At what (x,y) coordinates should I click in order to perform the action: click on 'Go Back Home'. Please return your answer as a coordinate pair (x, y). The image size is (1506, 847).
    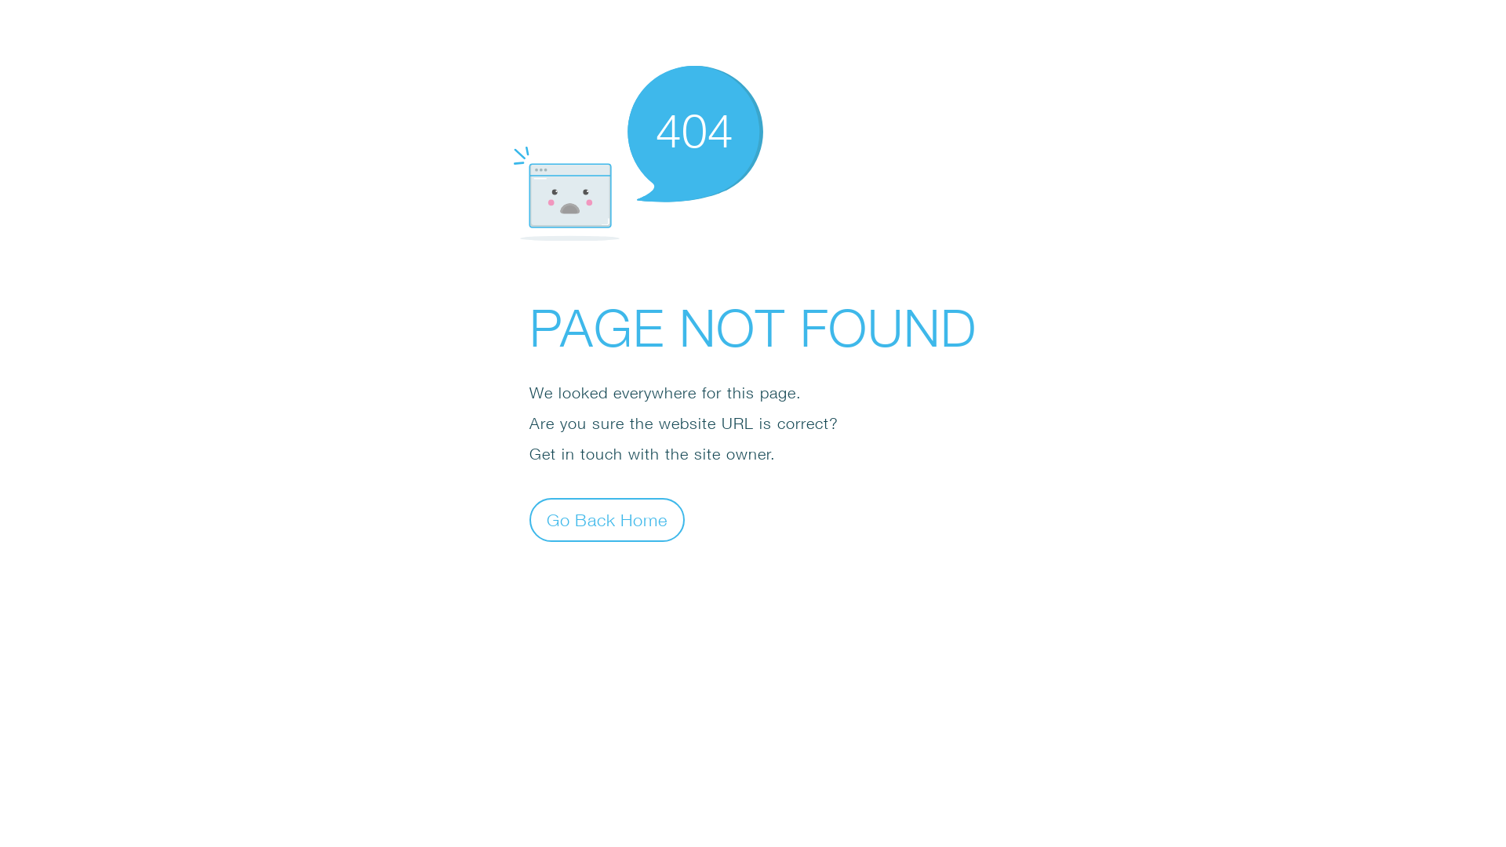
    Looking at the image, I should click on (606, 520).